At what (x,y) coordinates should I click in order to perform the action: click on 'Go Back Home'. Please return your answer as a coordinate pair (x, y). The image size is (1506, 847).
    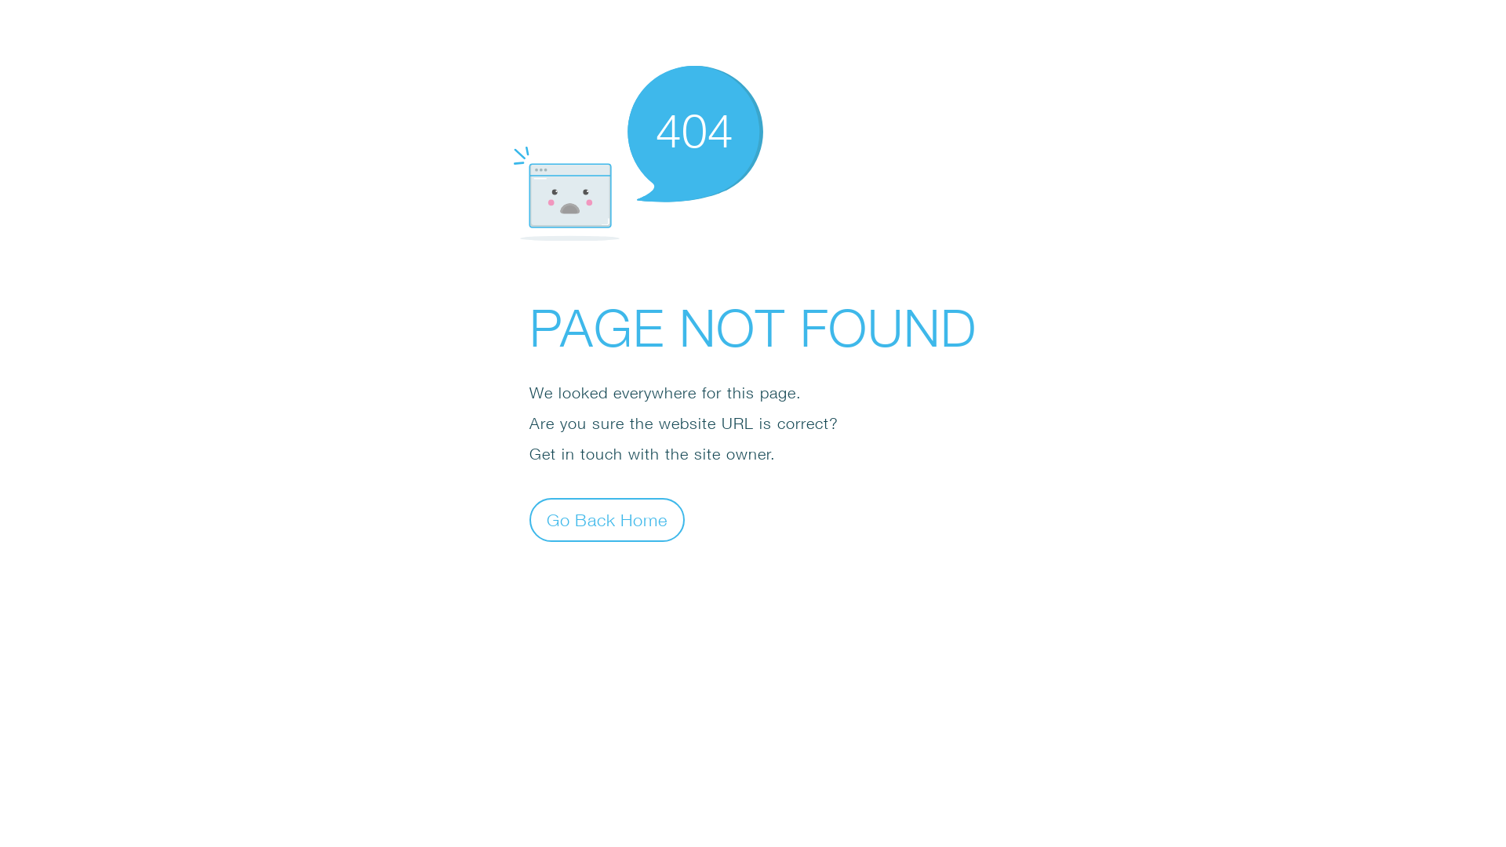
    Looking at the image, I should click on (606, 520).